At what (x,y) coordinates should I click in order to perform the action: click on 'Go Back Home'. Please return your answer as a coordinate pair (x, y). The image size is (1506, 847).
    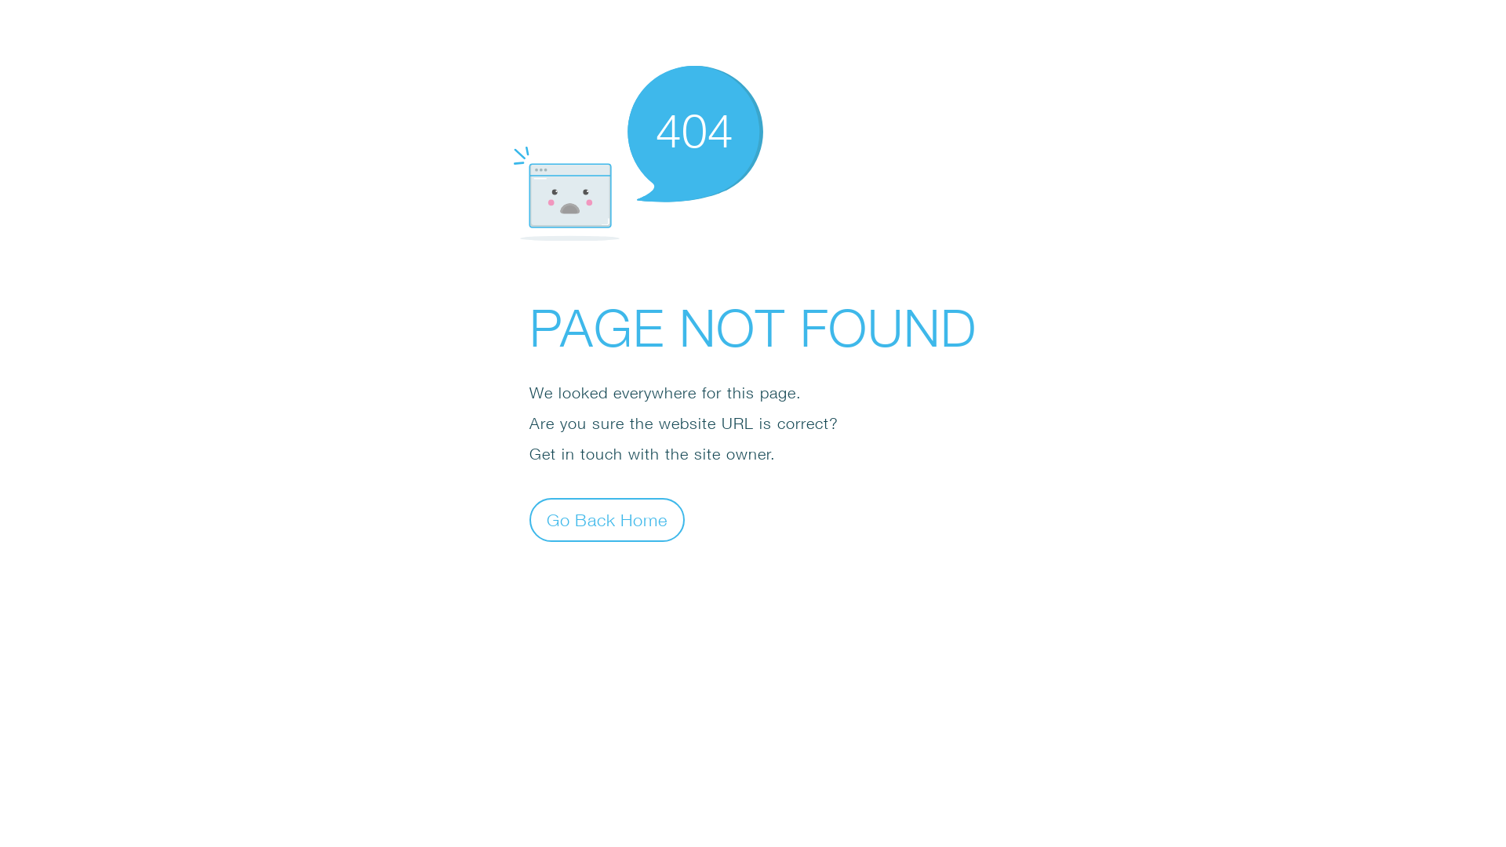
    Looking at the image, I should click on (606, 520).